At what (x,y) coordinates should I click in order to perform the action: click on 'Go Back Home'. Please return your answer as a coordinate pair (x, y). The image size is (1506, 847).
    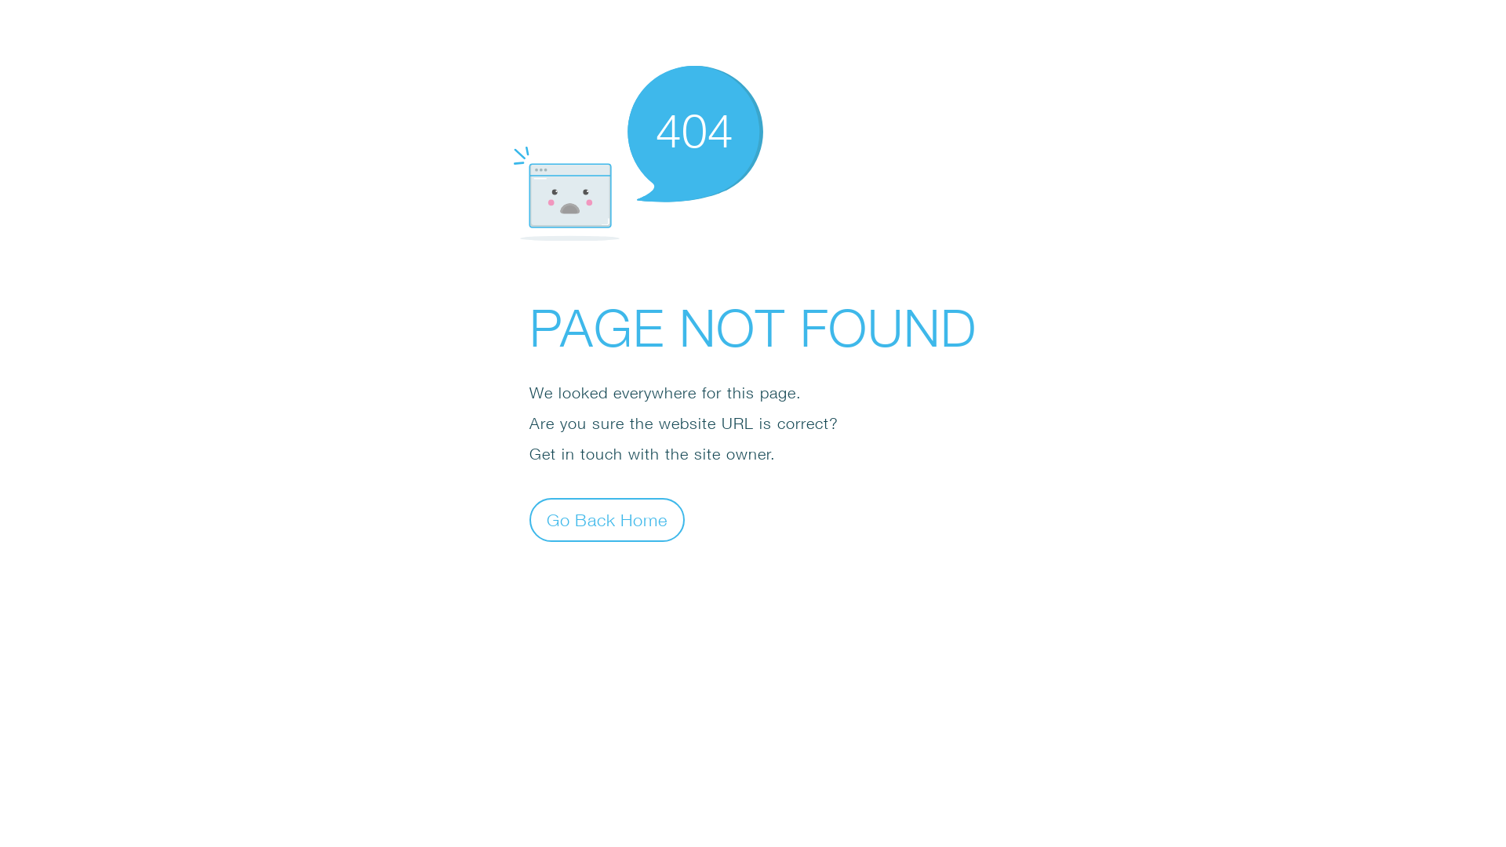
    Looking at the image, I should click on (606, 520).